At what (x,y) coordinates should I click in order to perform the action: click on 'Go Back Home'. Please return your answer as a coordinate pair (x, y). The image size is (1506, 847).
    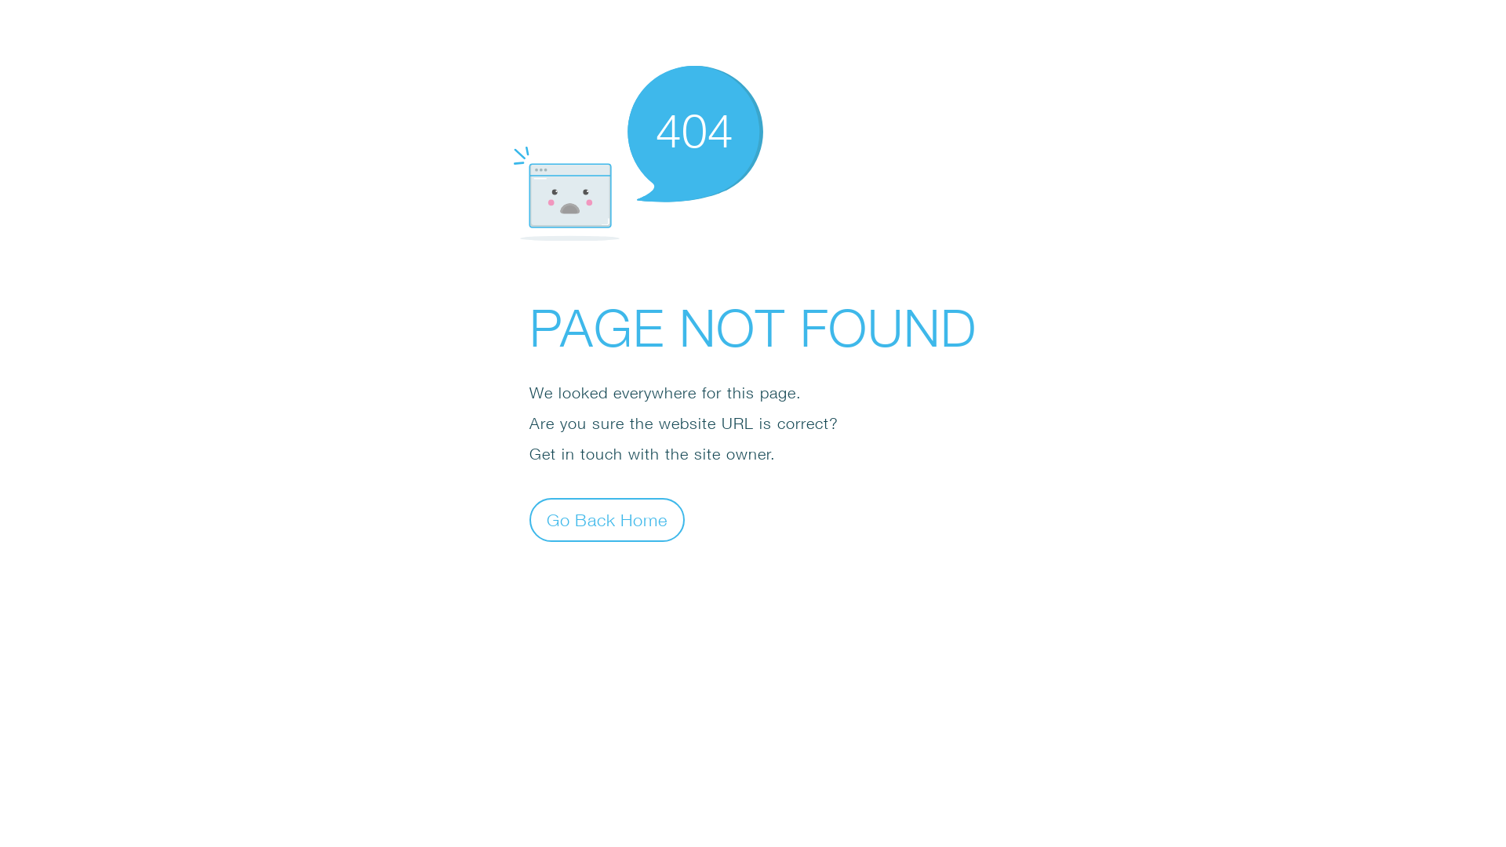
    Looking at the image, I should click on (606, 520).